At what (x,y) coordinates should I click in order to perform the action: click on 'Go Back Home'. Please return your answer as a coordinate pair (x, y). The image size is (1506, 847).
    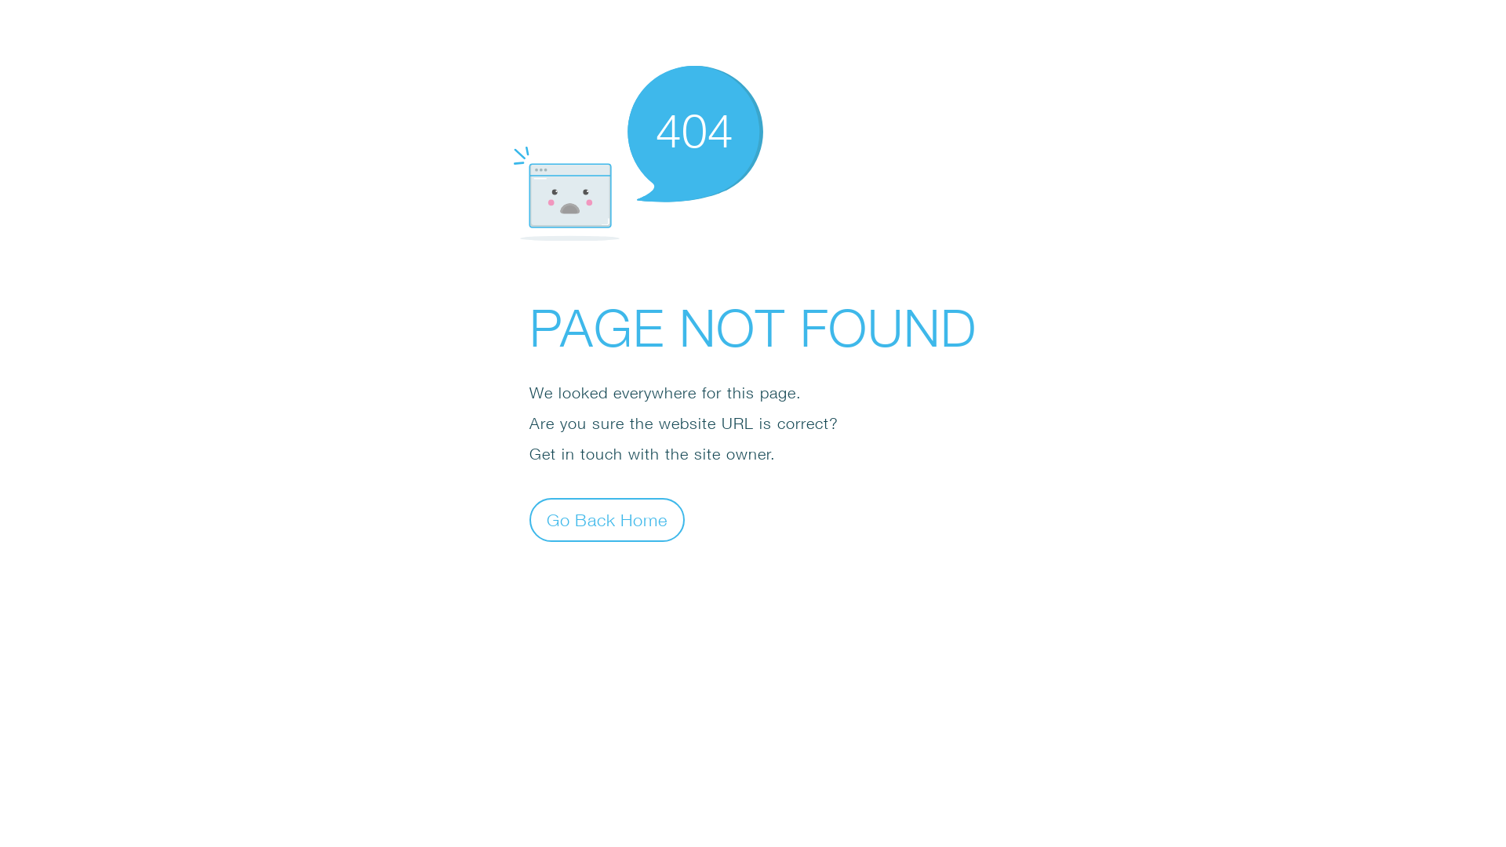
    Looking at the image, I should click on (606, 520).